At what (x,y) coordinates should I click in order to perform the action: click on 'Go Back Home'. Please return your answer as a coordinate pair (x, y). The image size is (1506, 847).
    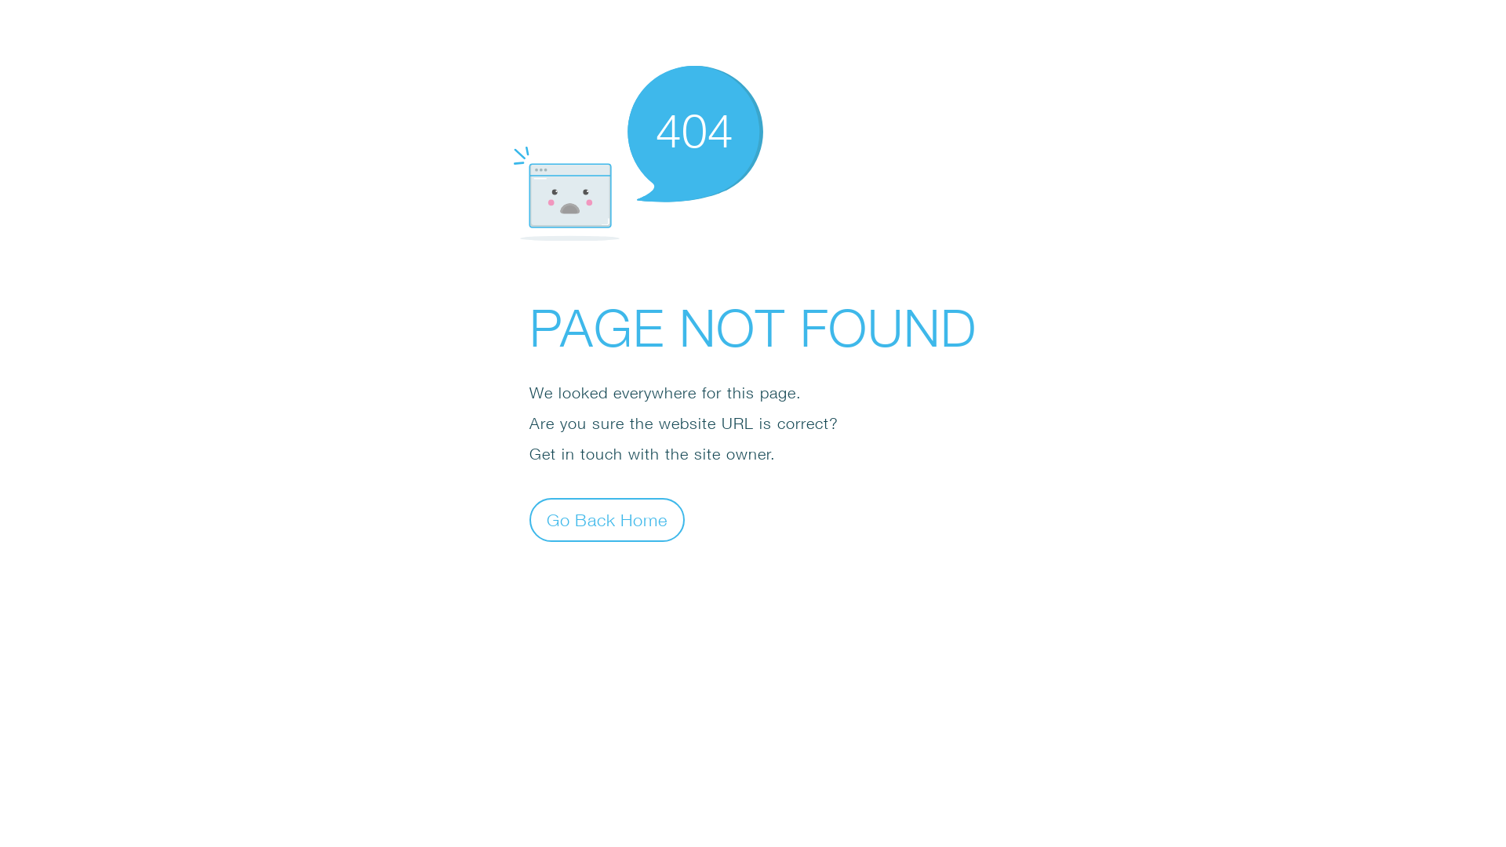
    Looking at the image, I should click on (606, 520).